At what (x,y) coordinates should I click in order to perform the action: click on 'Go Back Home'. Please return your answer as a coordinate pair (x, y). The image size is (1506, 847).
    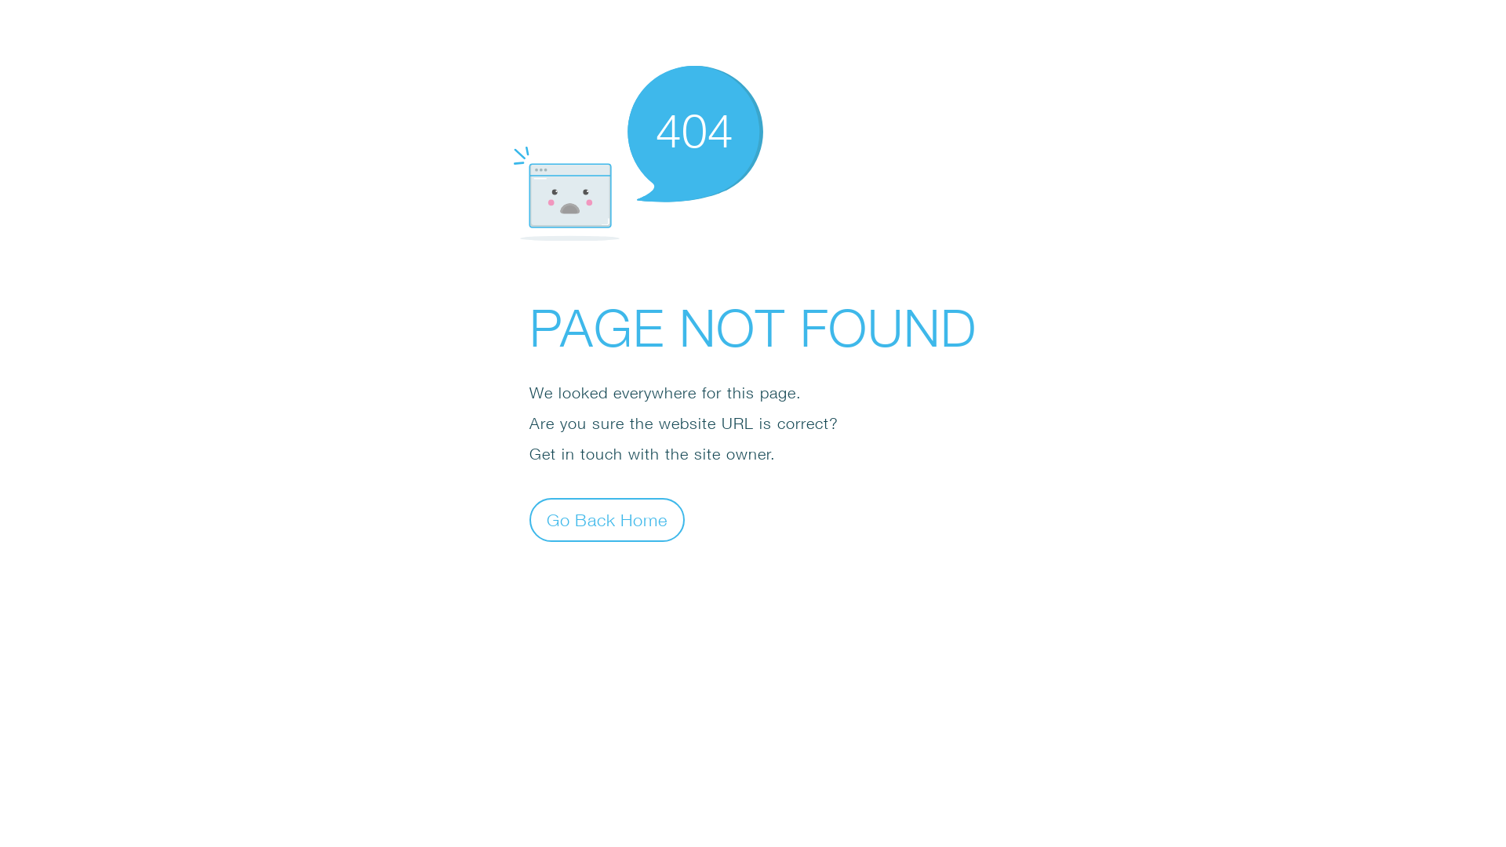
    Looking at the image, I should click on (606, 520).